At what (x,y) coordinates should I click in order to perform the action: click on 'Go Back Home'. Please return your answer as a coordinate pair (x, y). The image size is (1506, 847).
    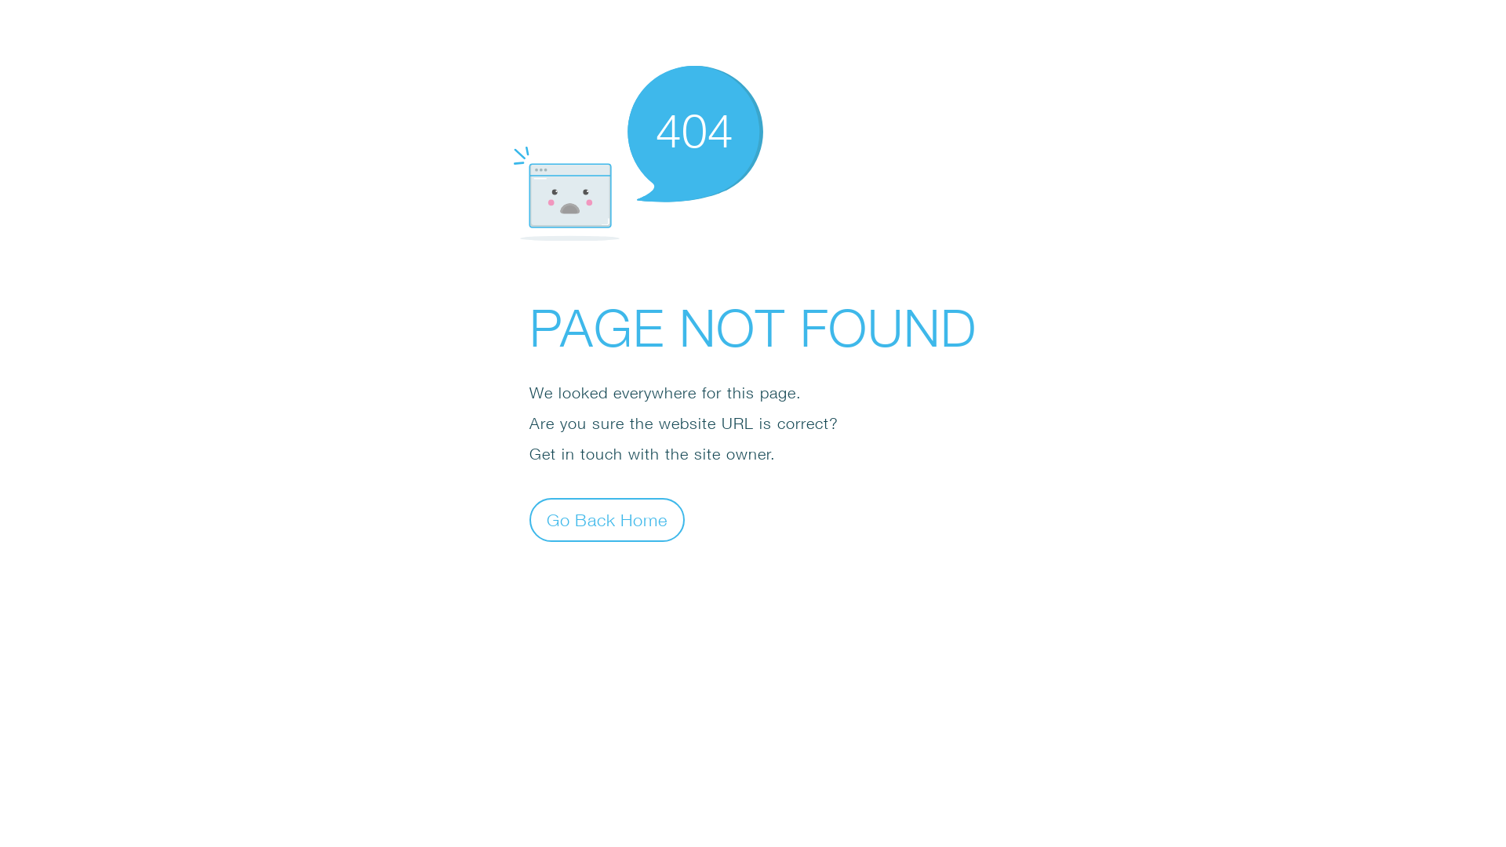
    Looking at the image, I should click on (606, 520).